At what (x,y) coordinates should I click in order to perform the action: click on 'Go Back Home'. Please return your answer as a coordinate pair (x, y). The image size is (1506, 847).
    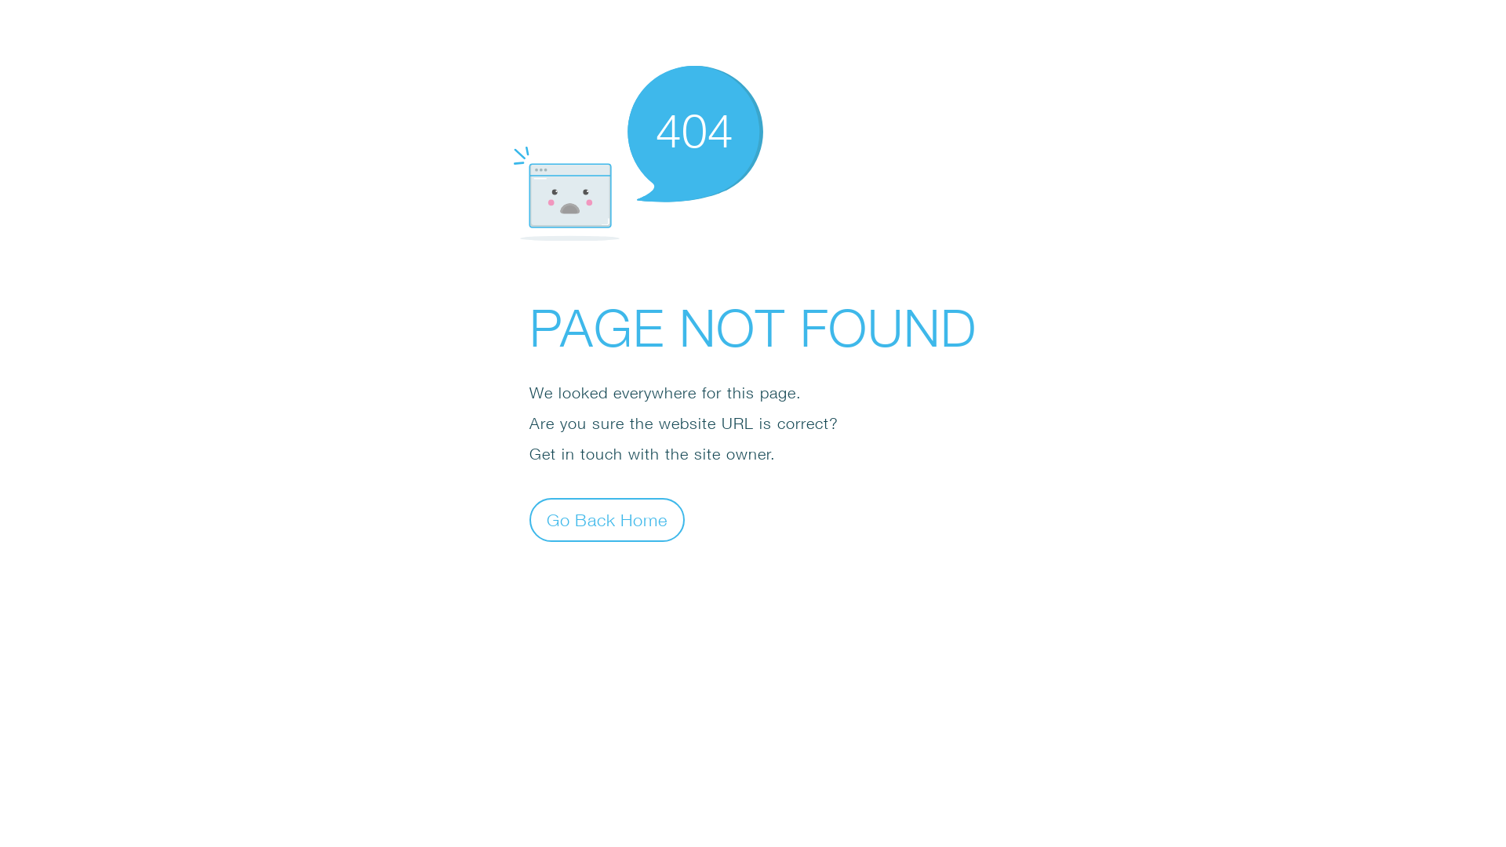
    Looking at the image, I should click on (606, 520).